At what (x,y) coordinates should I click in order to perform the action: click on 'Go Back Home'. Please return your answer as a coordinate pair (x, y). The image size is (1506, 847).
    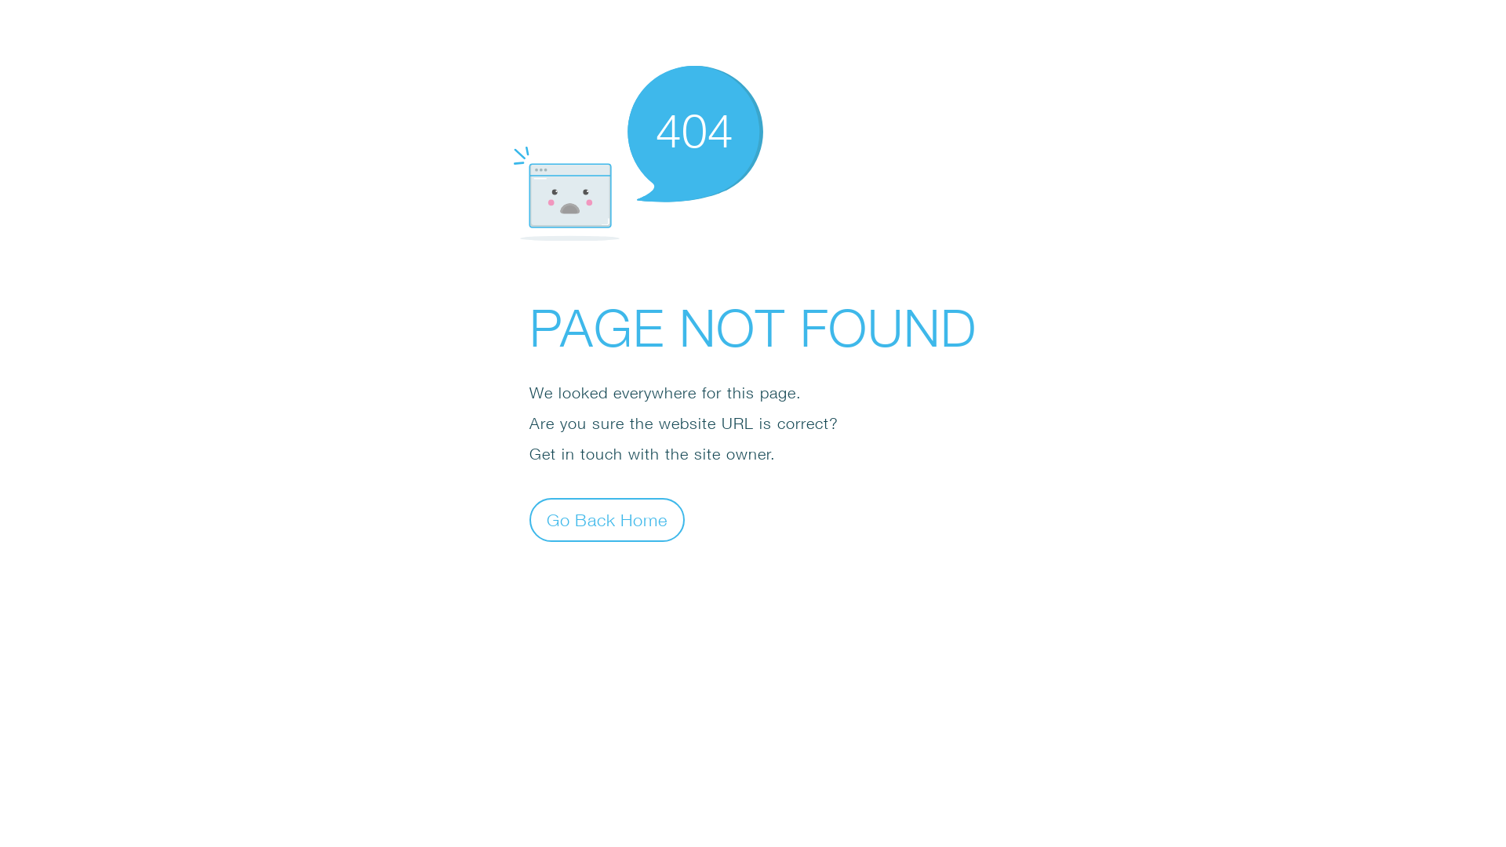
    Looking at the image, I should click on (606, 520).